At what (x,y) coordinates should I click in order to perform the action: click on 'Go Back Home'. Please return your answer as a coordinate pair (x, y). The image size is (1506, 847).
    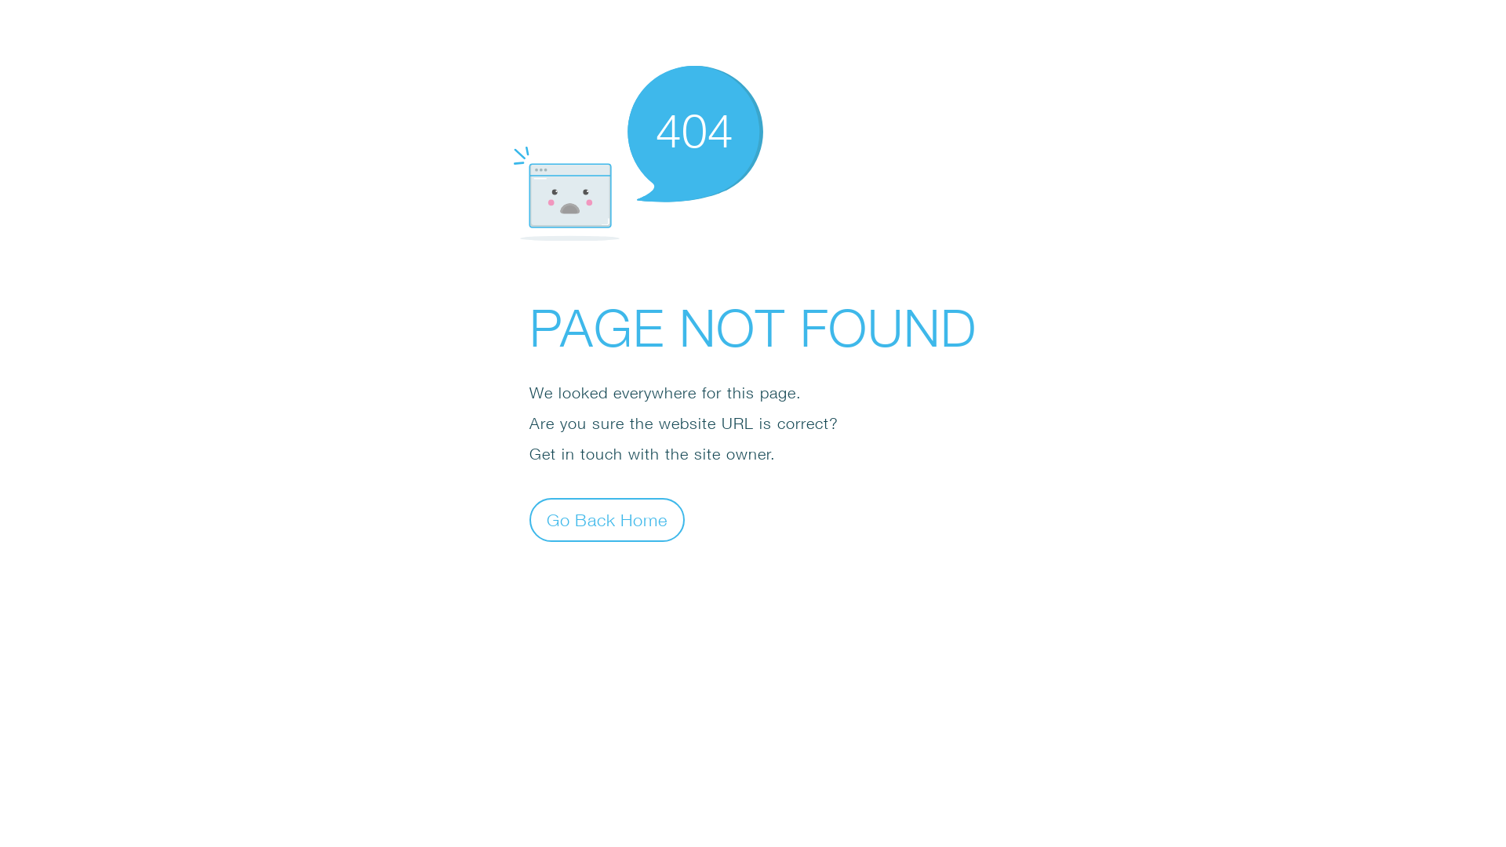
    Looking at the image, I should click on (606, 520).